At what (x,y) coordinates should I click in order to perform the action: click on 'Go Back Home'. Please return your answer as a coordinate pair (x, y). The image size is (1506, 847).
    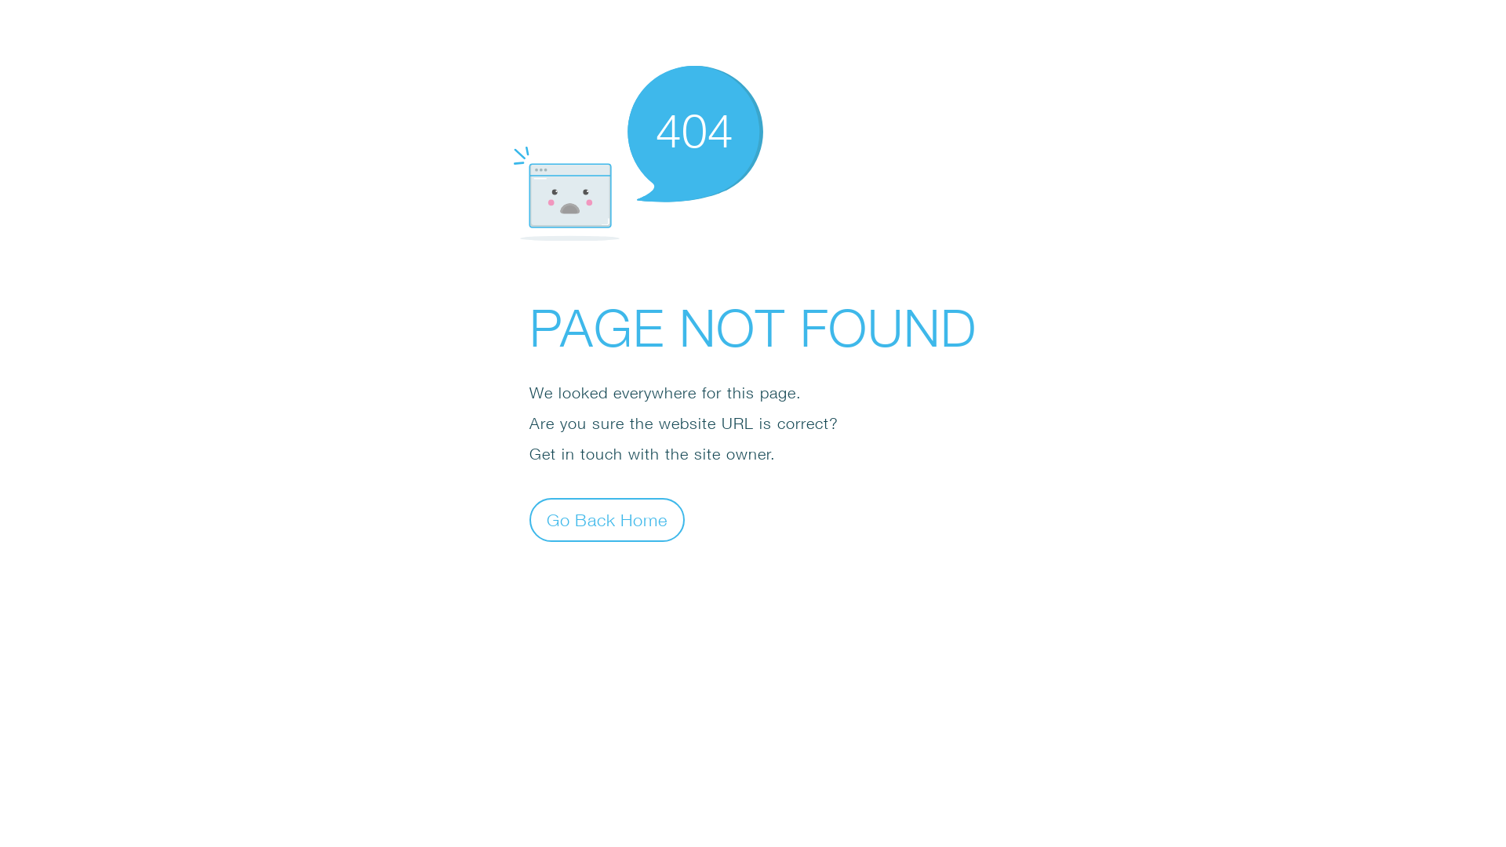
    Looking at the image, I should click on (606, 520).